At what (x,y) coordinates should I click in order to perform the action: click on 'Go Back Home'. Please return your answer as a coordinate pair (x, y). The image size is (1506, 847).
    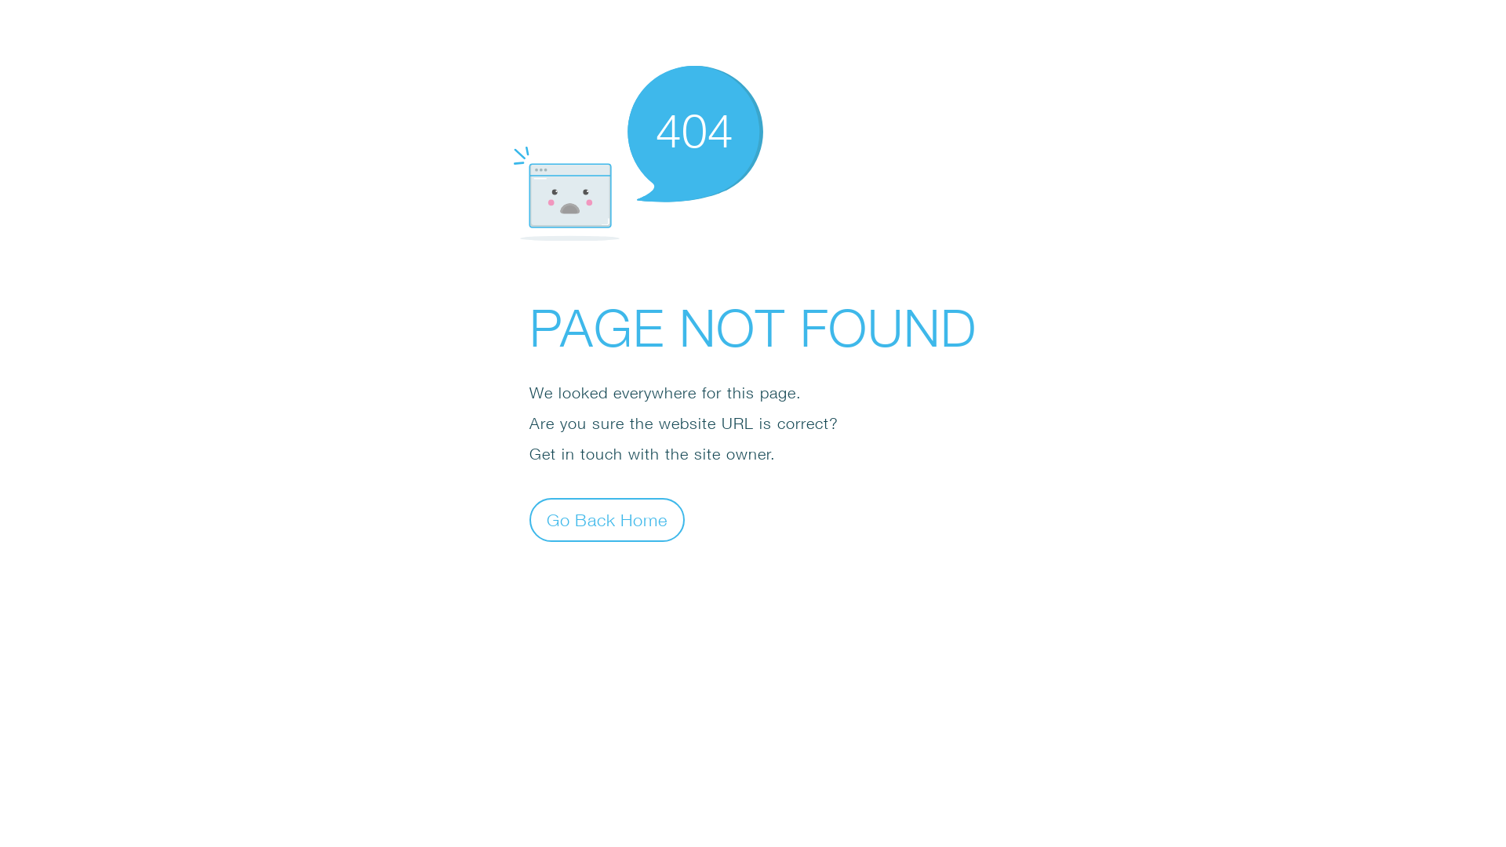
    Looking at the image, I should click on (606, 520).